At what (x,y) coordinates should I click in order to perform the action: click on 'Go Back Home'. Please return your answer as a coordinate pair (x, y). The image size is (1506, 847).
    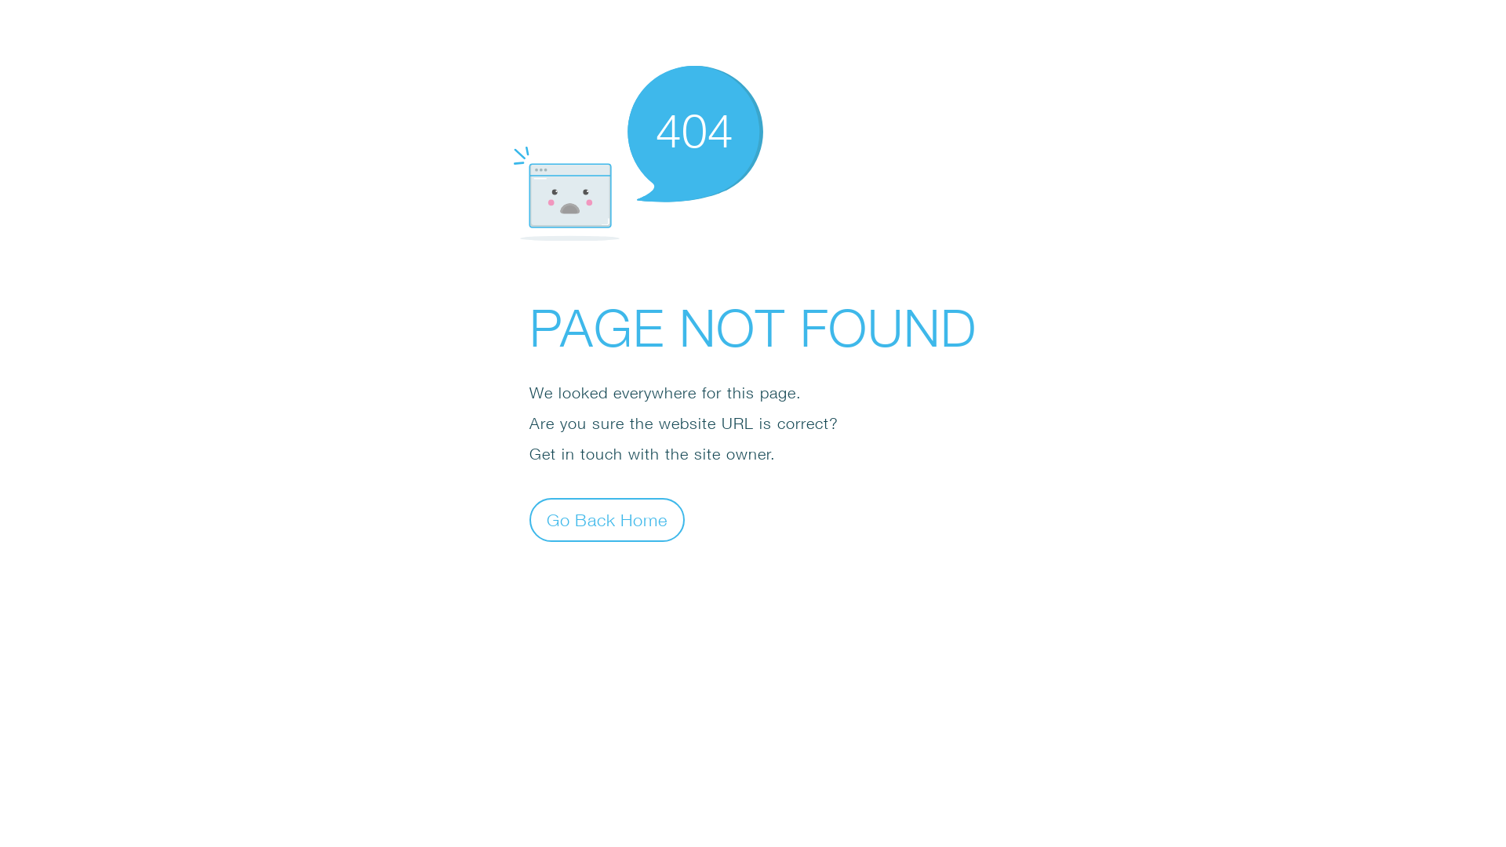
    Looking at the image, I should click on (606, 520).